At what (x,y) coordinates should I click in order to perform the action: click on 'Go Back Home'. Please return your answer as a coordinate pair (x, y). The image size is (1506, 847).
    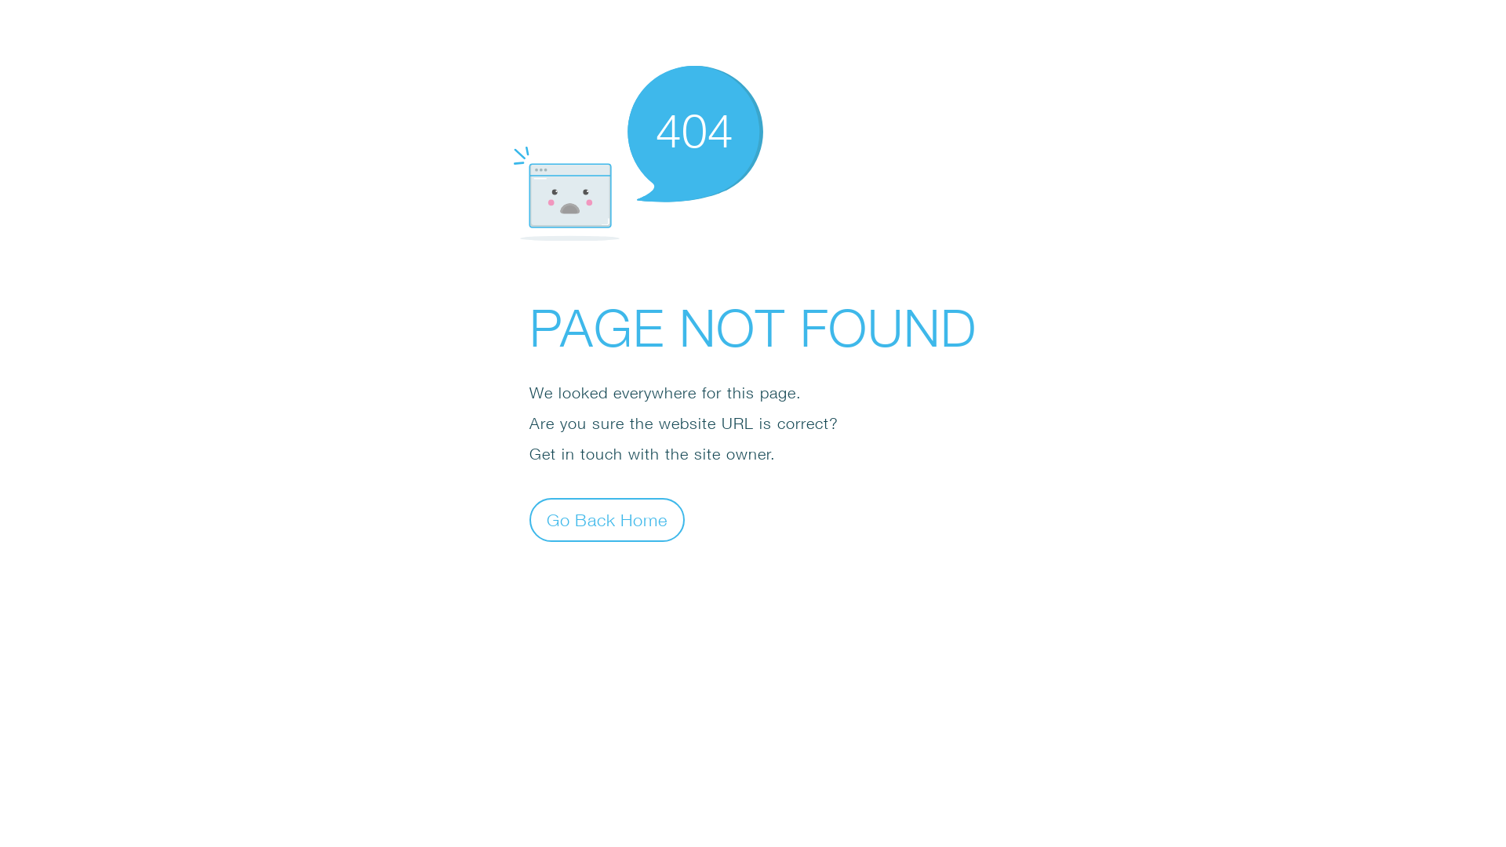
    Looking at the image, I should click on (606, 520).